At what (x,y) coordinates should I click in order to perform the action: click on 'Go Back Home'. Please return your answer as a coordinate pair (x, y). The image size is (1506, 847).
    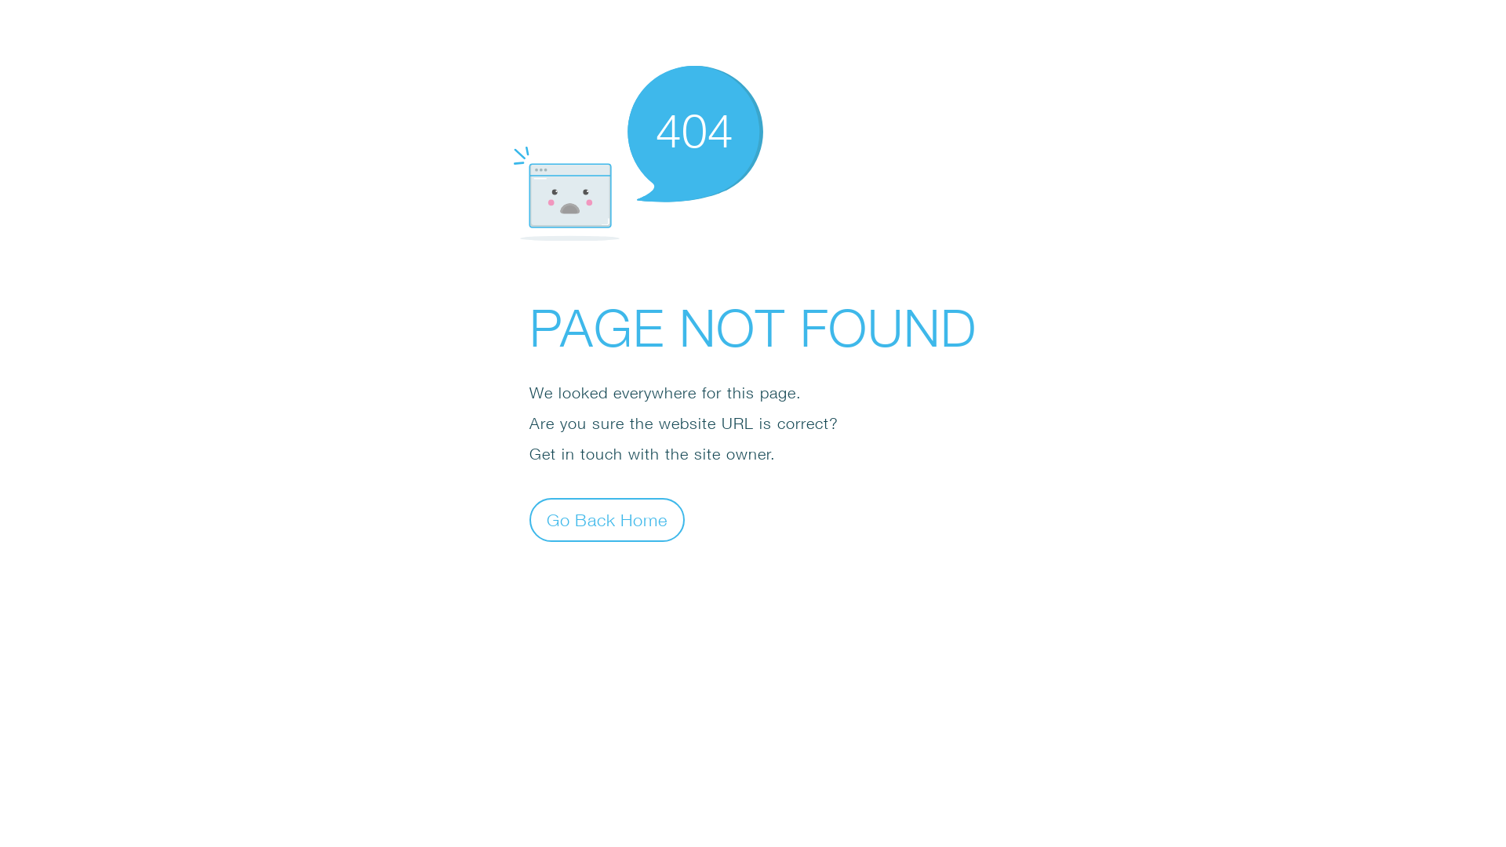
    Looking at the image, I should click on (606, 520).